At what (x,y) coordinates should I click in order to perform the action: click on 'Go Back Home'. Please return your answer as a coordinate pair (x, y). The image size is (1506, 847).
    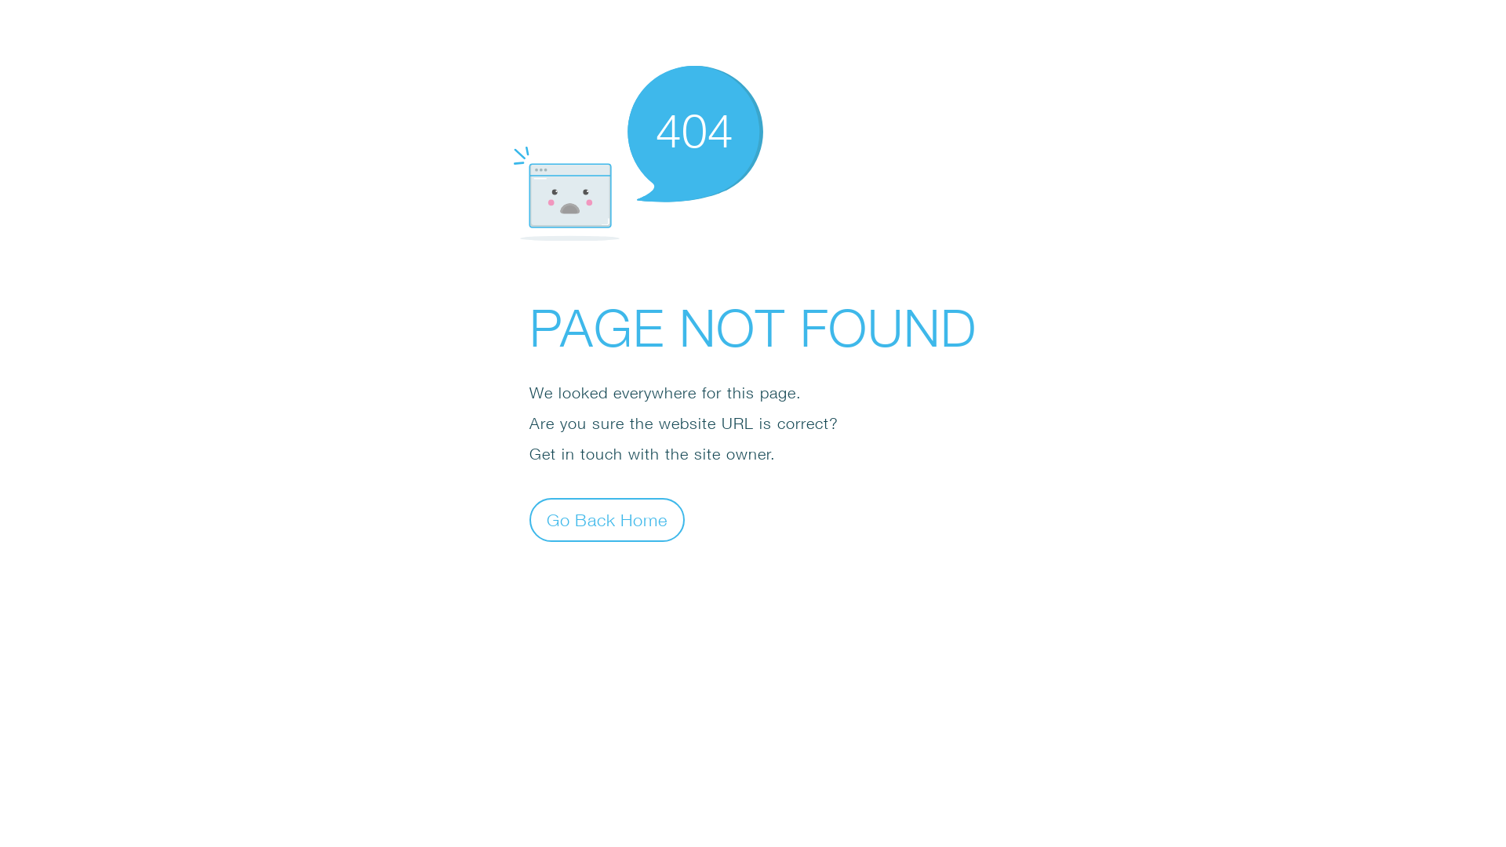
    Looking at the image, I should click on (606, 520).